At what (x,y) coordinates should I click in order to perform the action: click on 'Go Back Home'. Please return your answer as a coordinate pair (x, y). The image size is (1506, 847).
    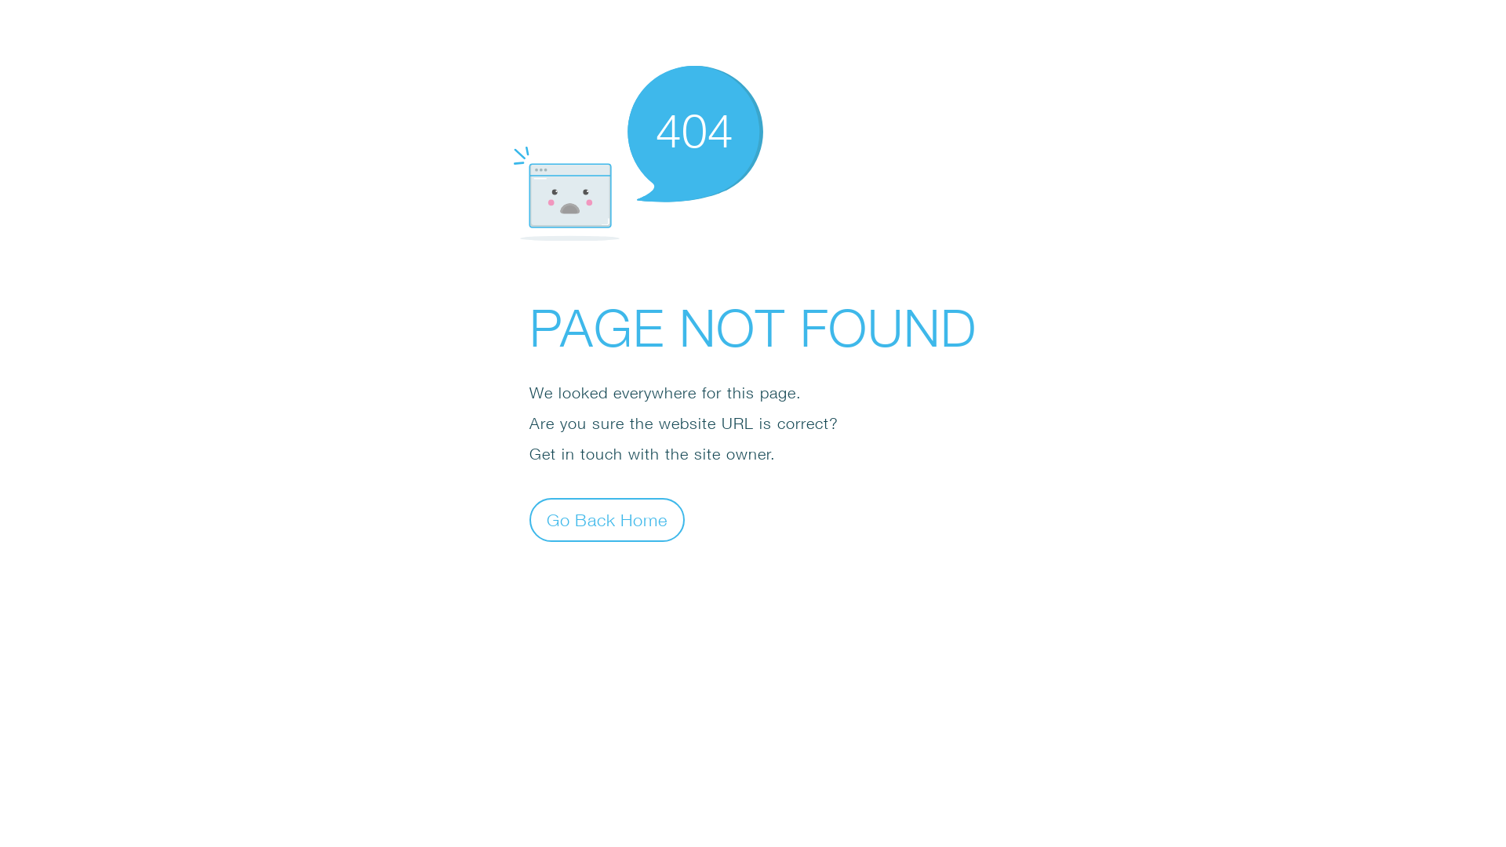
    Looking at the image, I should click on (606, 520).